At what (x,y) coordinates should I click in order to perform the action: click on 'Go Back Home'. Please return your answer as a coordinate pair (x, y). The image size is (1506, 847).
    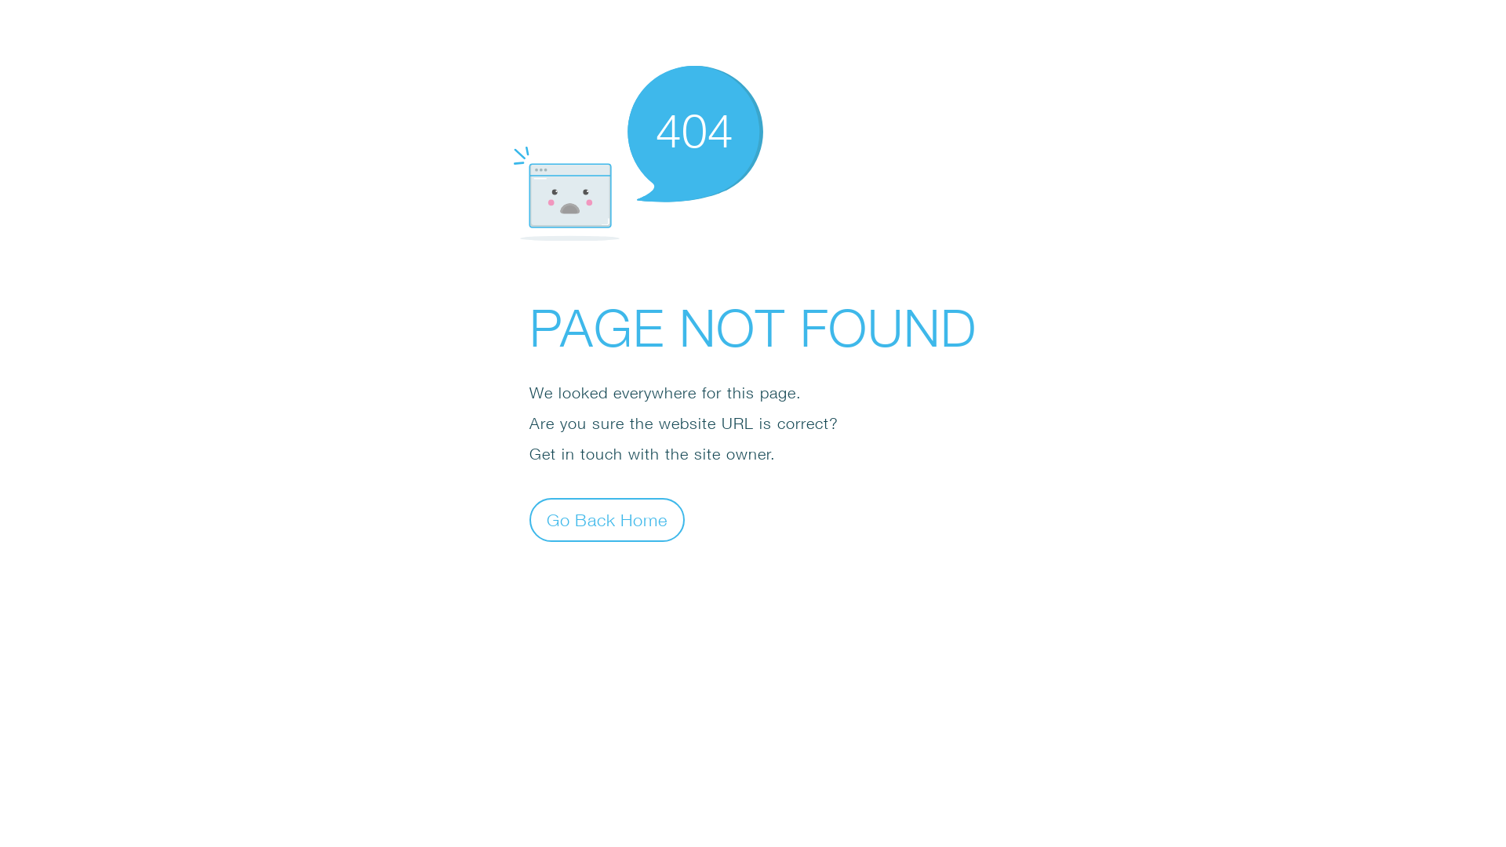
    Looking at the image, I should click on (606, 520).